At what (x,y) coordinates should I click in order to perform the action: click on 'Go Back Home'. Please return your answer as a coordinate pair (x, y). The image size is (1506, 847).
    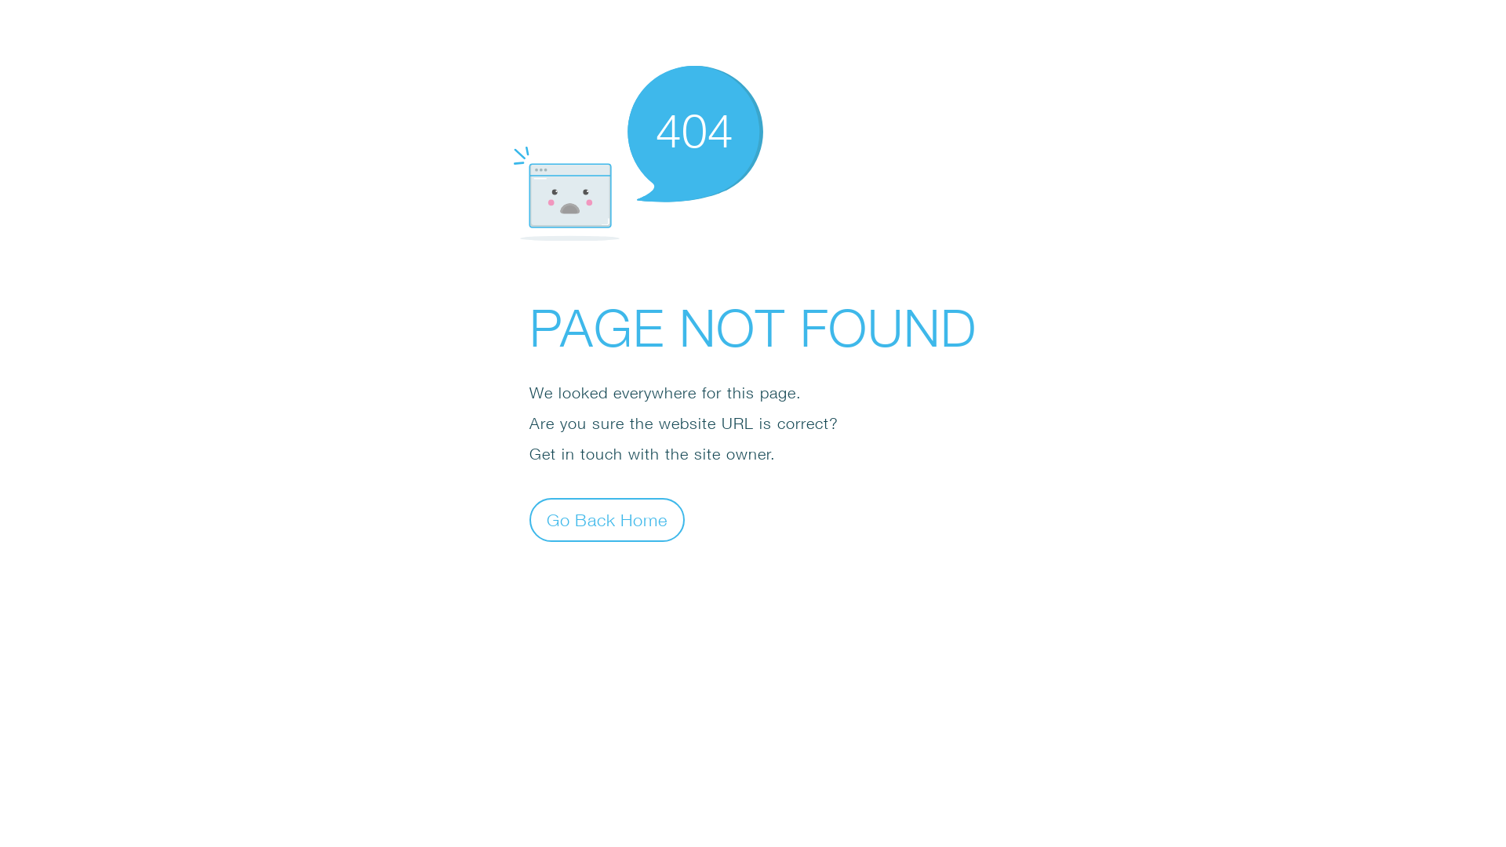
    Looking at the image, I should click on (606, 520).